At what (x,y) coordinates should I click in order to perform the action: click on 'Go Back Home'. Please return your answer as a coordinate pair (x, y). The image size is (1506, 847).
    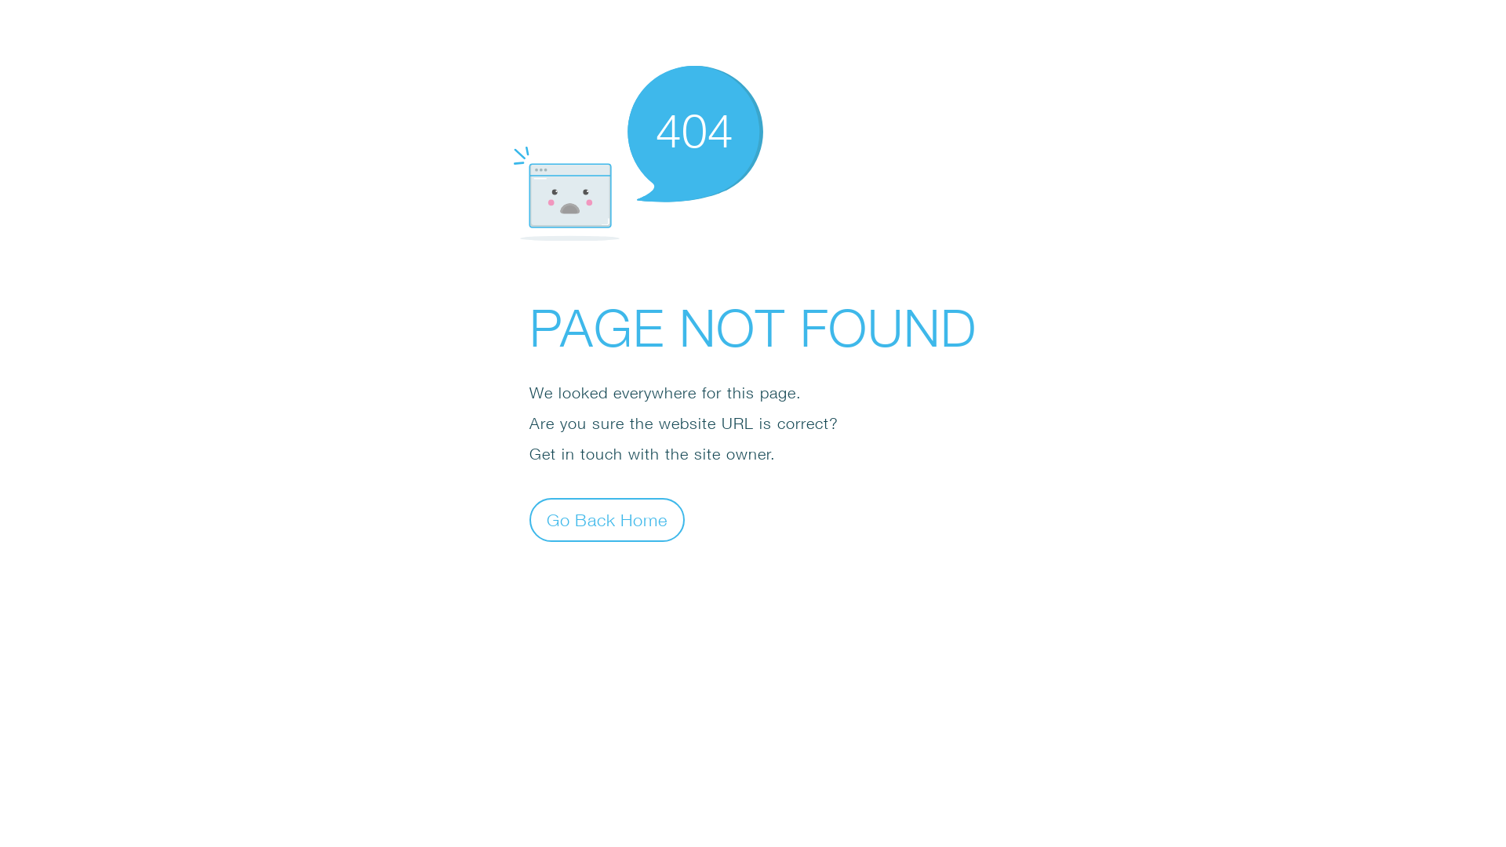
    Looking at the image, I should click on (606, 520).